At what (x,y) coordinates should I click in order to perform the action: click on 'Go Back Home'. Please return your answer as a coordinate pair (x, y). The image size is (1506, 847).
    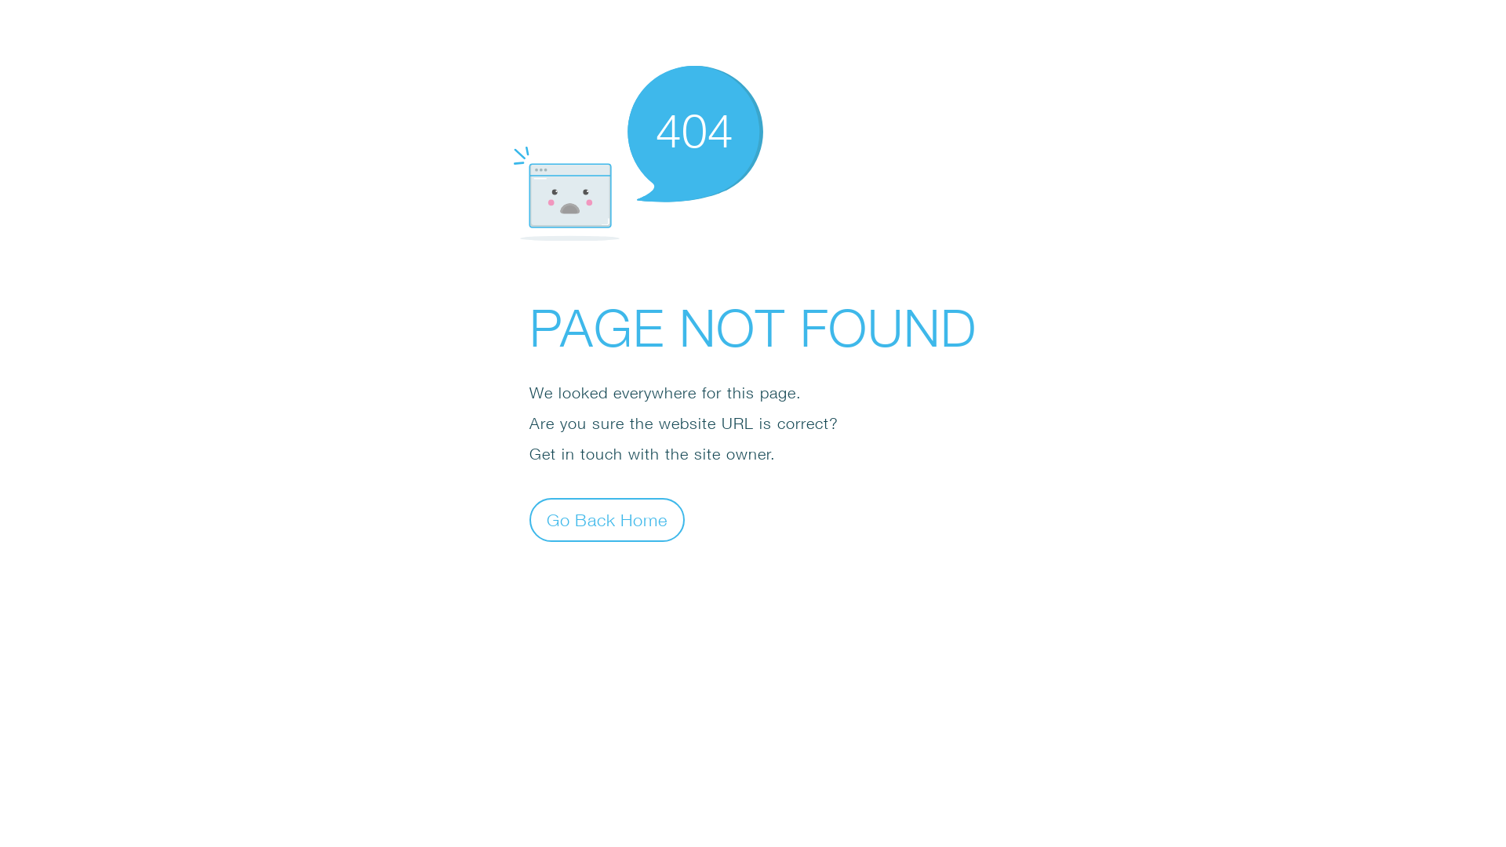
    Looking at the image, I should click on (606, 520).